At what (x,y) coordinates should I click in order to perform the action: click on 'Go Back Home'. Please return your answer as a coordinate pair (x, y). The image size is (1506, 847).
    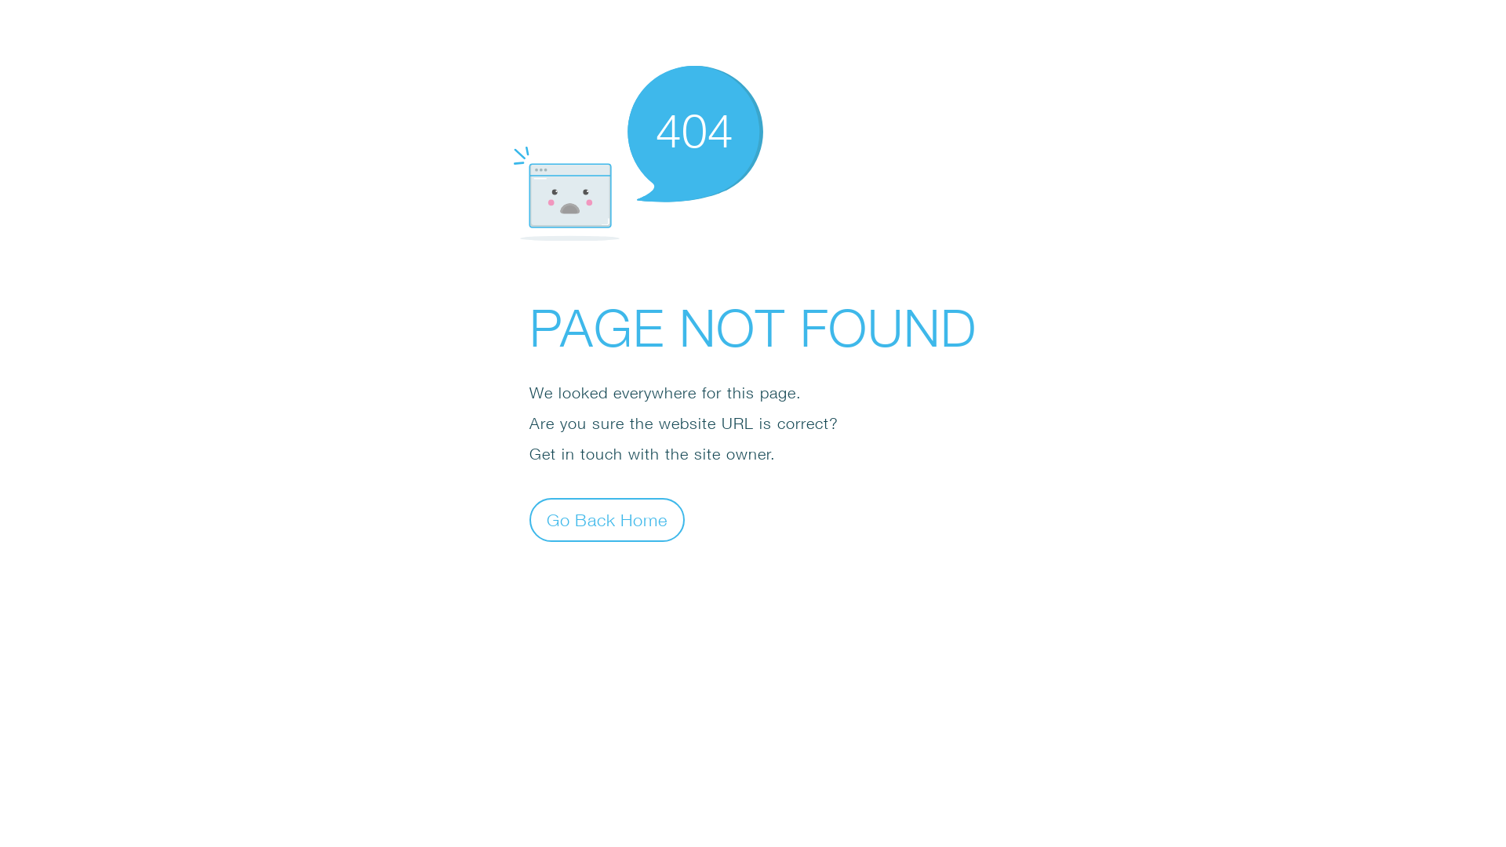
    Looking at the image, I should click on (606, 520).